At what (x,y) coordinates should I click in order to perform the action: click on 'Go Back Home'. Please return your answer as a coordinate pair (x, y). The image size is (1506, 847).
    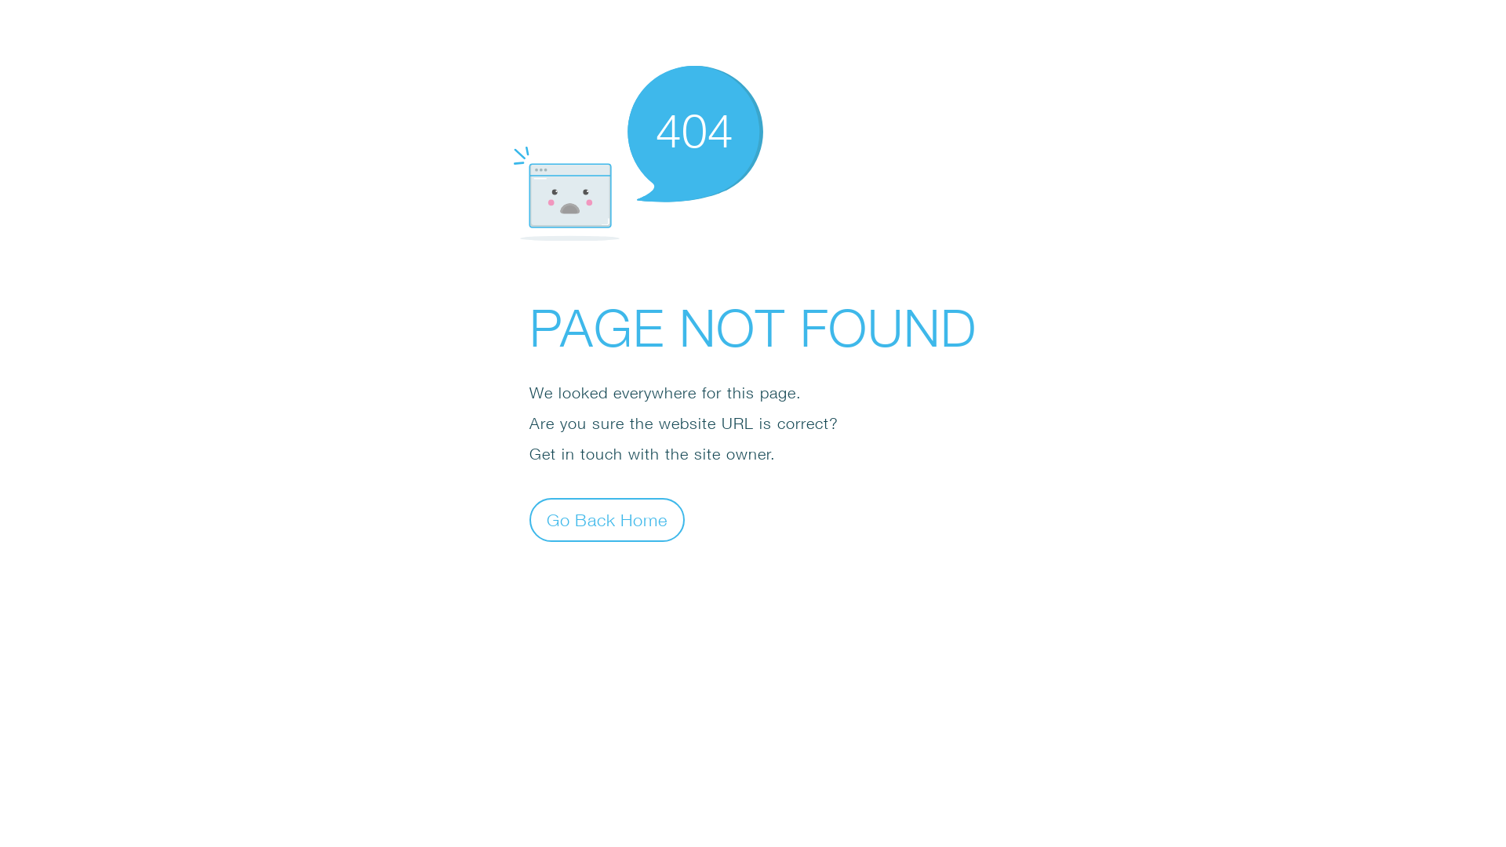
    Looking at the image, I should click on (606, 520).